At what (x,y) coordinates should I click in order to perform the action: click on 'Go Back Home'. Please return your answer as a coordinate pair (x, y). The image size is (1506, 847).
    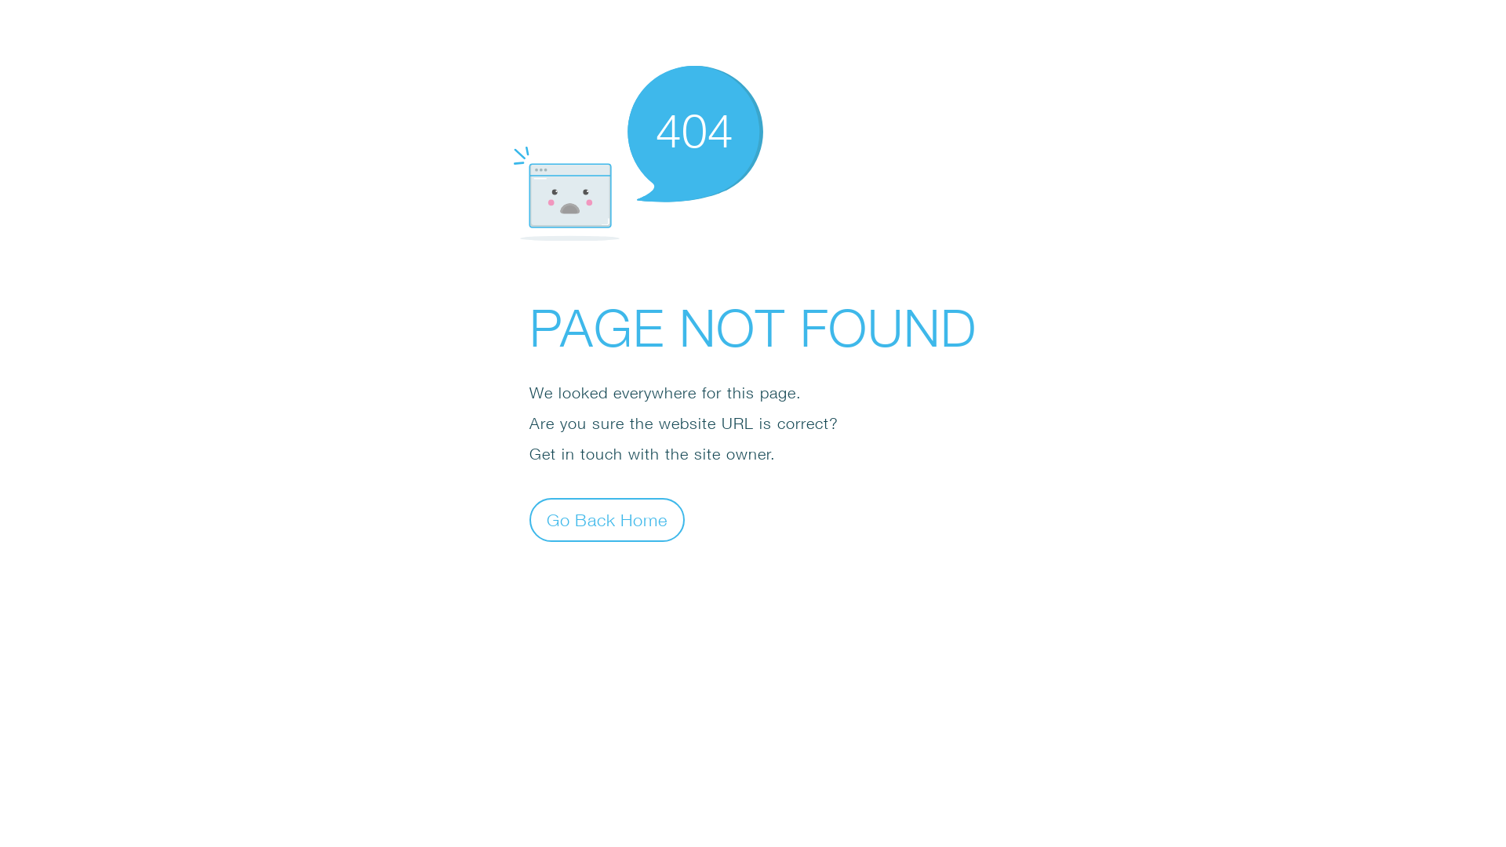
    Looking at the image, I should click on (606, 520).